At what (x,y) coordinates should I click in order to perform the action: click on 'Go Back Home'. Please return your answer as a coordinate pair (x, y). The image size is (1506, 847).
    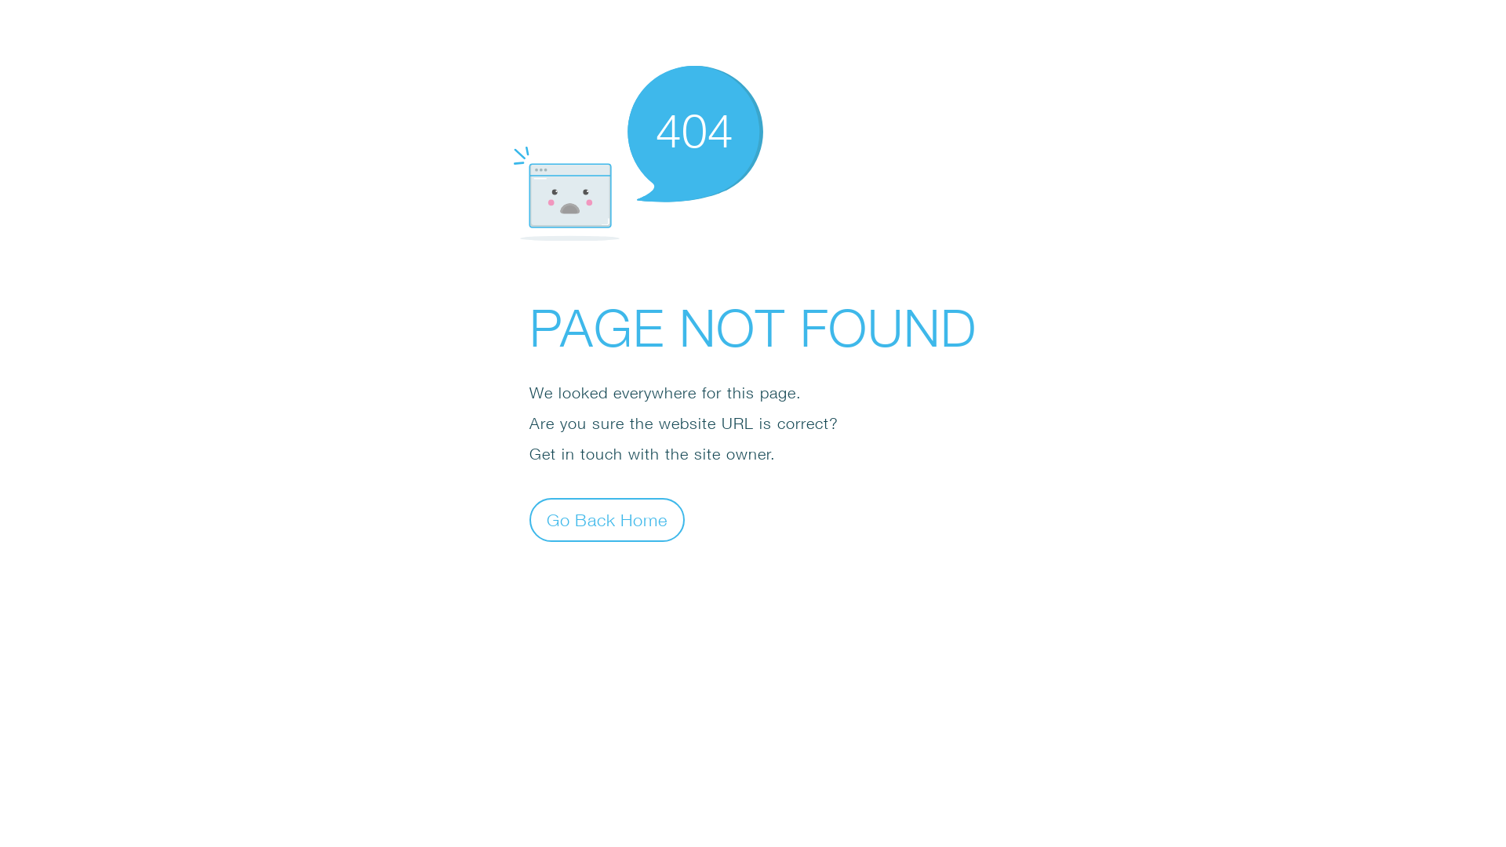
    Looking at the image, I should click on (606, 520).